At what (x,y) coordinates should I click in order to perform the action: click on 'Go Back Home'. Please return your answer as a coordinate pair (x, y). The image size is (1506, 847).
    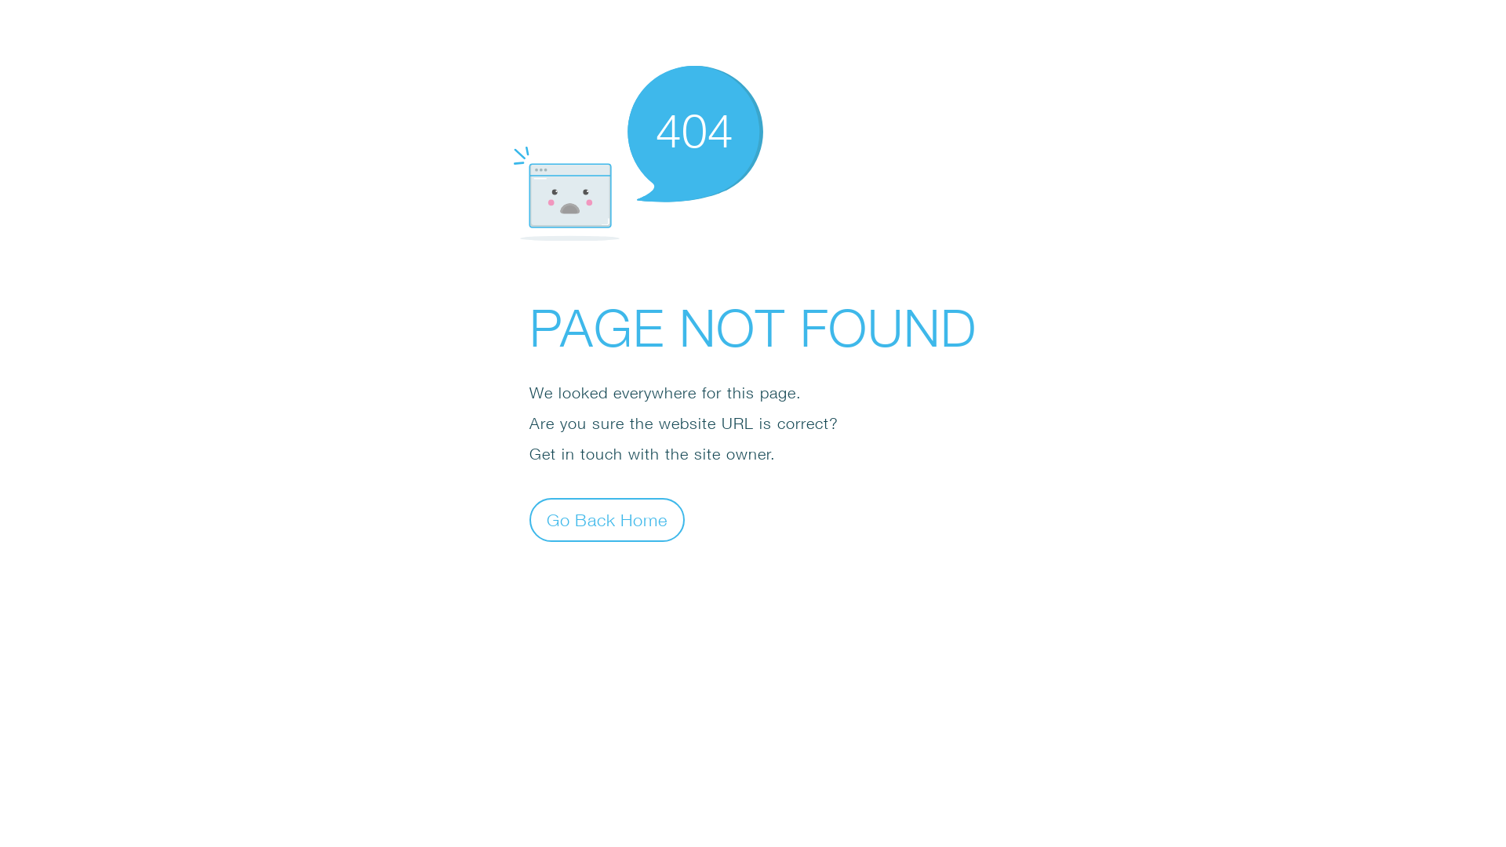
    Looking at the image, I should click on (606, 520).